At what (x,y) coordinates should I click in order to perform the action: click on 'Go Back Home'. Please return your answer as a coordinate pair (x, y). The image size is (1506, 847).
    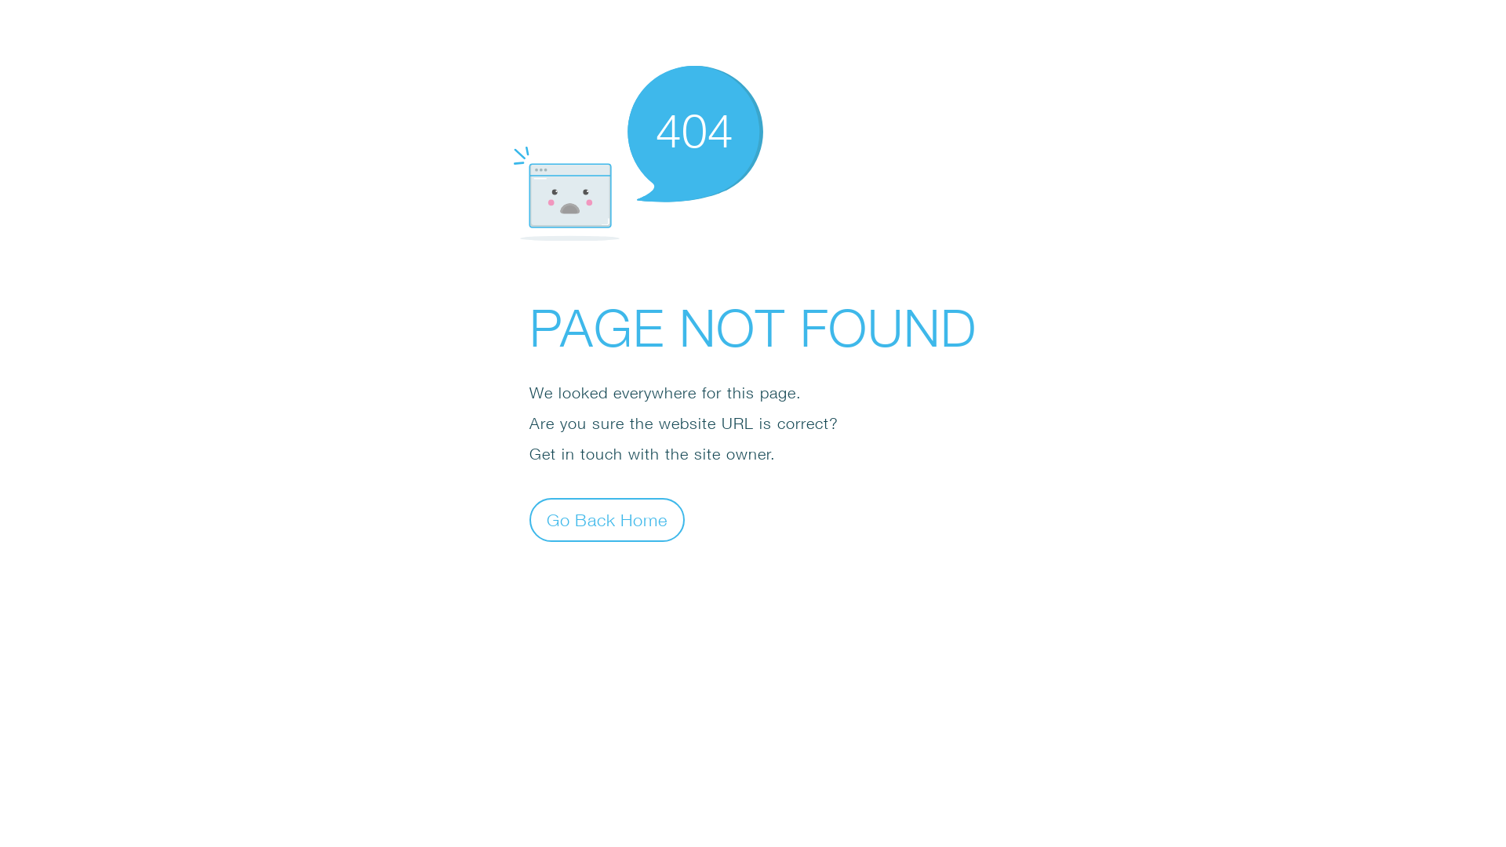
    Looking at the image, I should click on (606, 520).